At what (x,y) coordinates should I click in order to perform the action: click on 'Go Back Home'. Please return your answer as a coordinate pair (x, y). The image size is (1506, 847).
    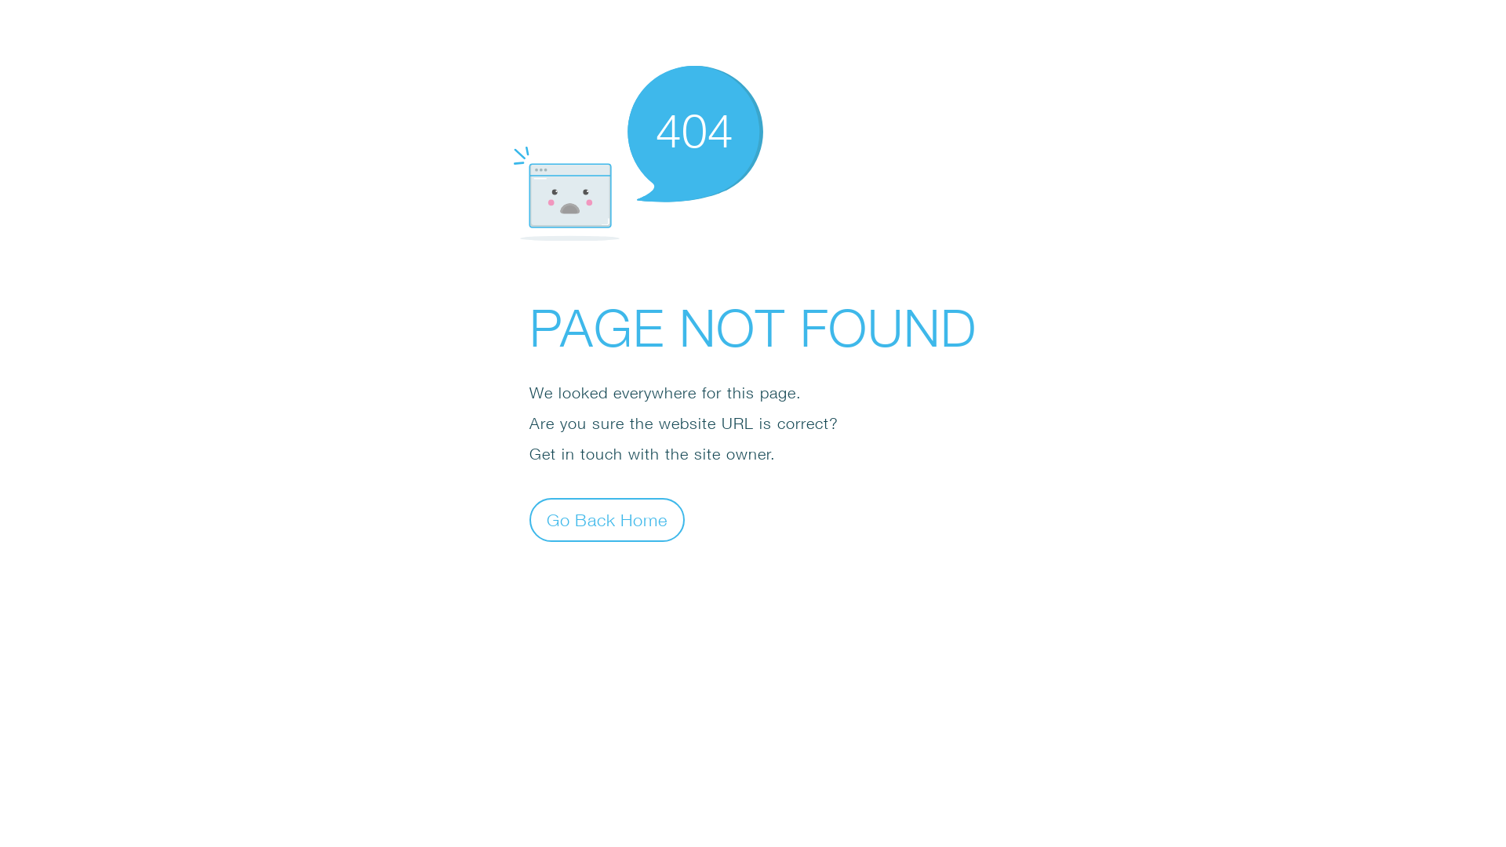
    Looking at the image, I should click on (606, 520).